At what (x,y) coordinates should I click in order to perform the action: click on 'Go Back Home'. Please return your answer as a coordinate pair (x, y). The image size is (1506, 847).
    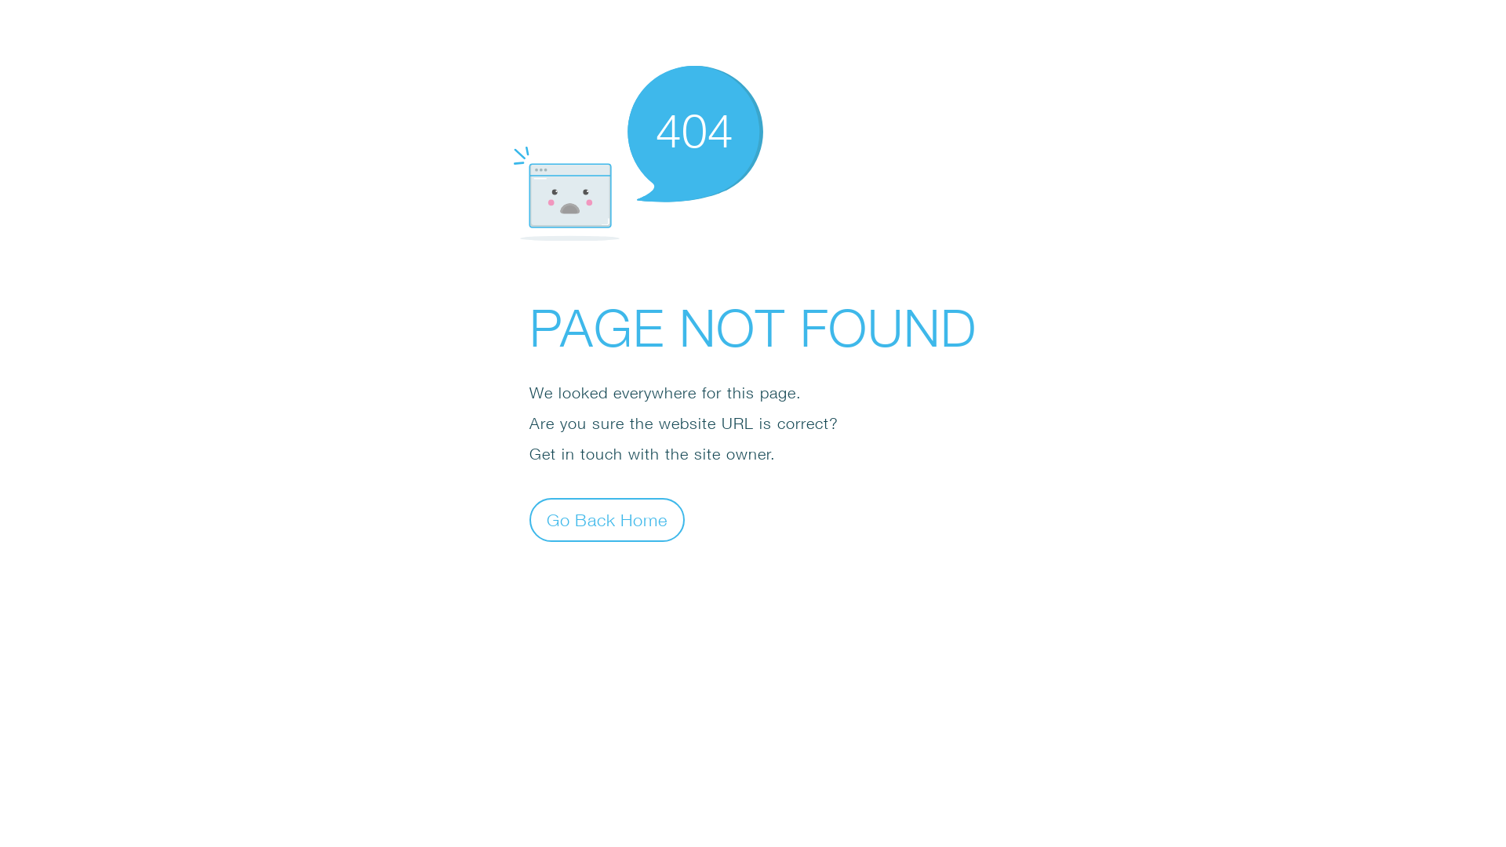
    Looking at the image, I should click on (606, 520).